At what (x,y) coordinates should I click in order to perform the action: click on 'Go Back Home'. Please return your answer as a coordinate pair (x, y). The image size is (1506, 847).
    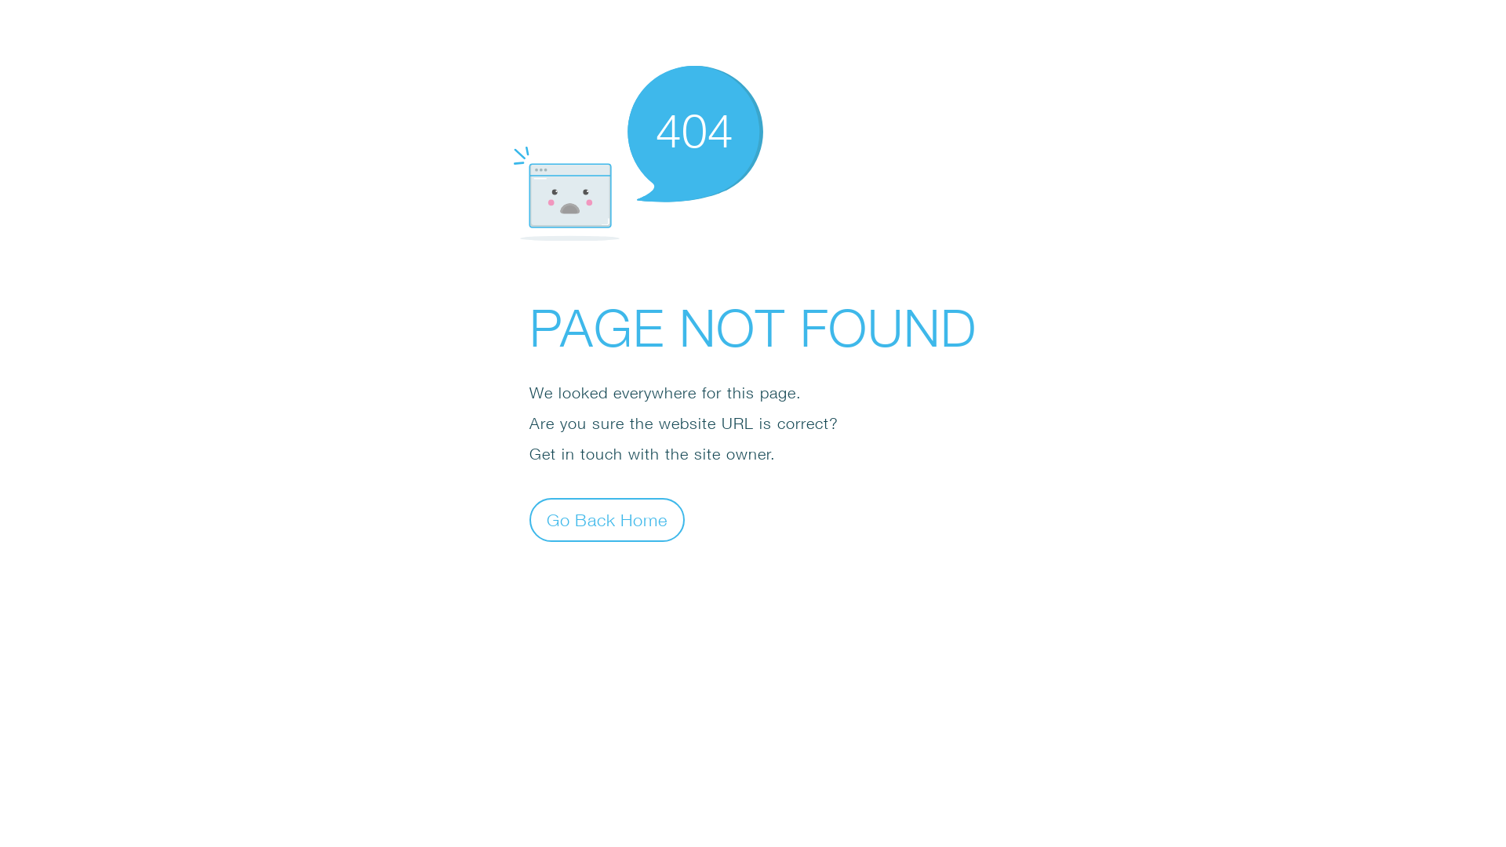
    Looking at the image, I should click on (606, 520).